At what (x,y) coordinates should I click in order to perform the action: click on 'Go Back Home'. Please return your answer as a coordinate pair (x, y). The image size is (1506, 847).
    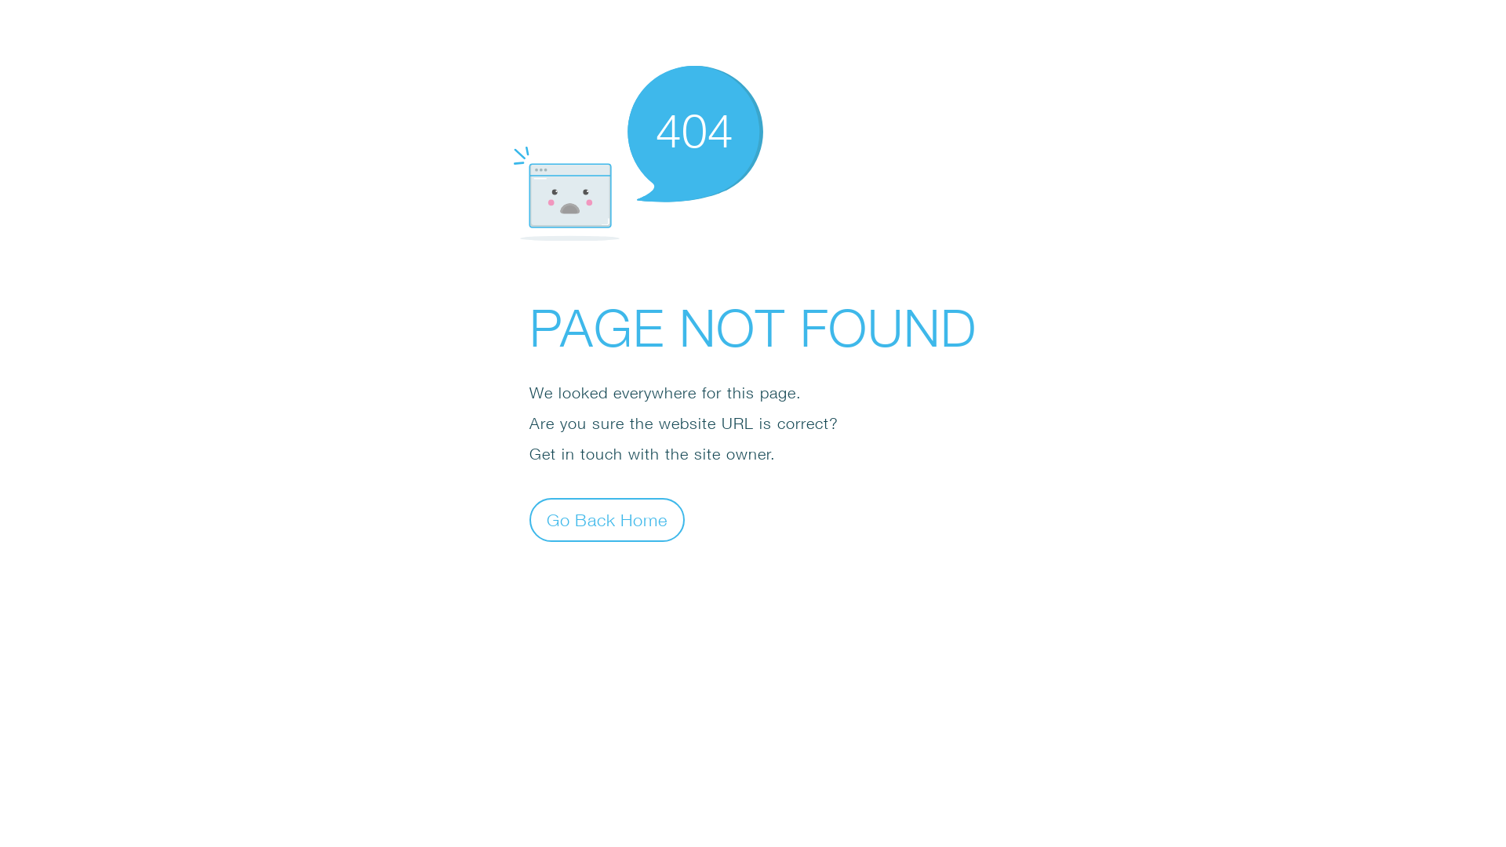
    Looking at the image, I should click on (606, 520).